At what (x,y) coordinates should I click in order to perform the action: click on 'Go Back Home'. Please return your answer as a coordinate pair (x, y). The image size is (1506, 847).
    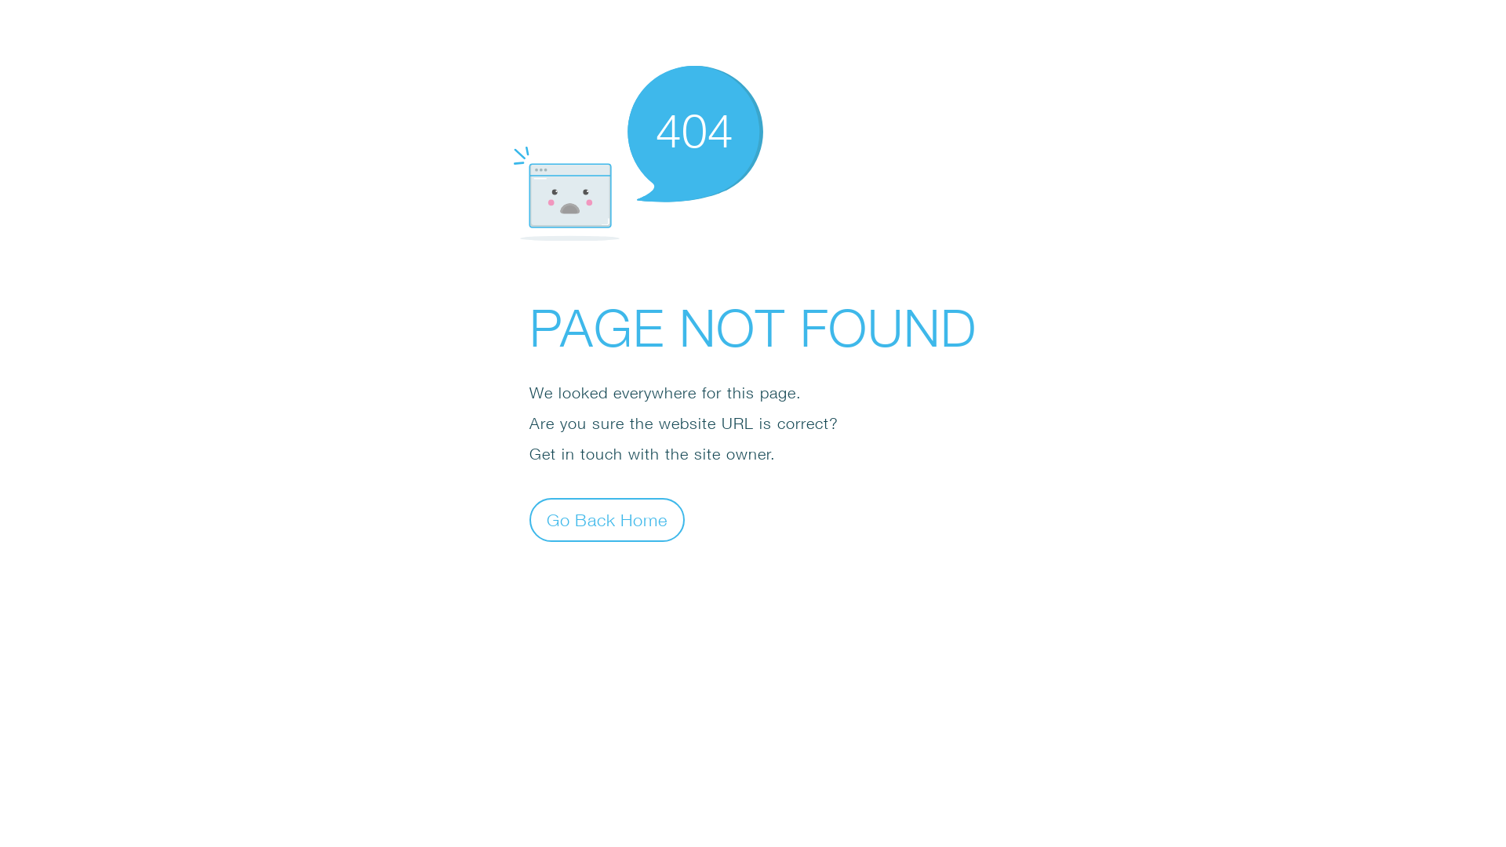
    Looking at the image, I should click on (606, 520).